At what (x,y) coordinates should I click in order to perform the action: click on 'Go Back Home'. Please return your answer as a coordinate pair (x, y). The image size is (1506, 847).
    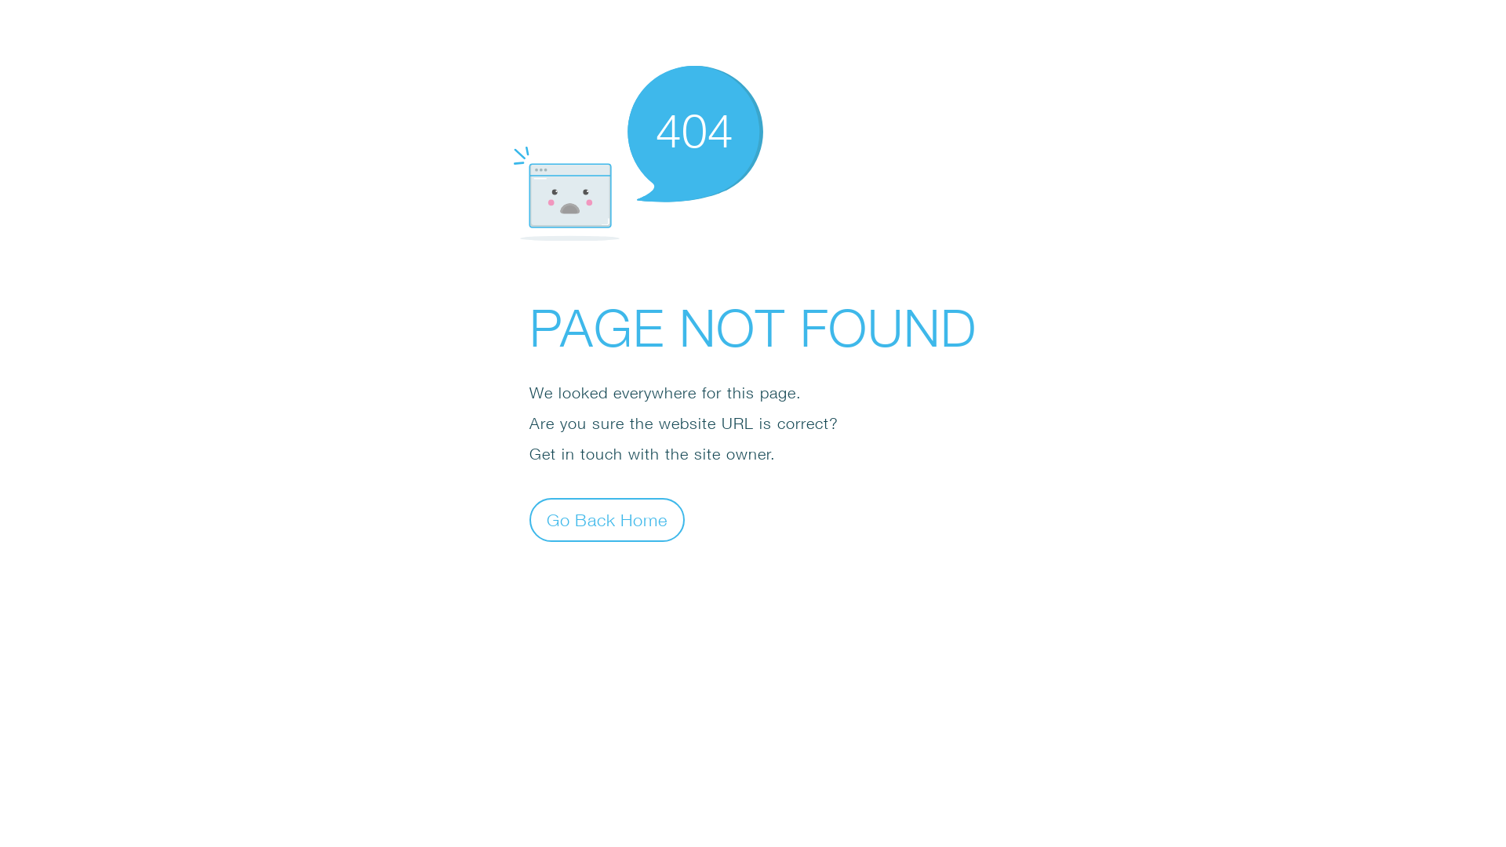
    Looking at the image, I should click on (606, 520).